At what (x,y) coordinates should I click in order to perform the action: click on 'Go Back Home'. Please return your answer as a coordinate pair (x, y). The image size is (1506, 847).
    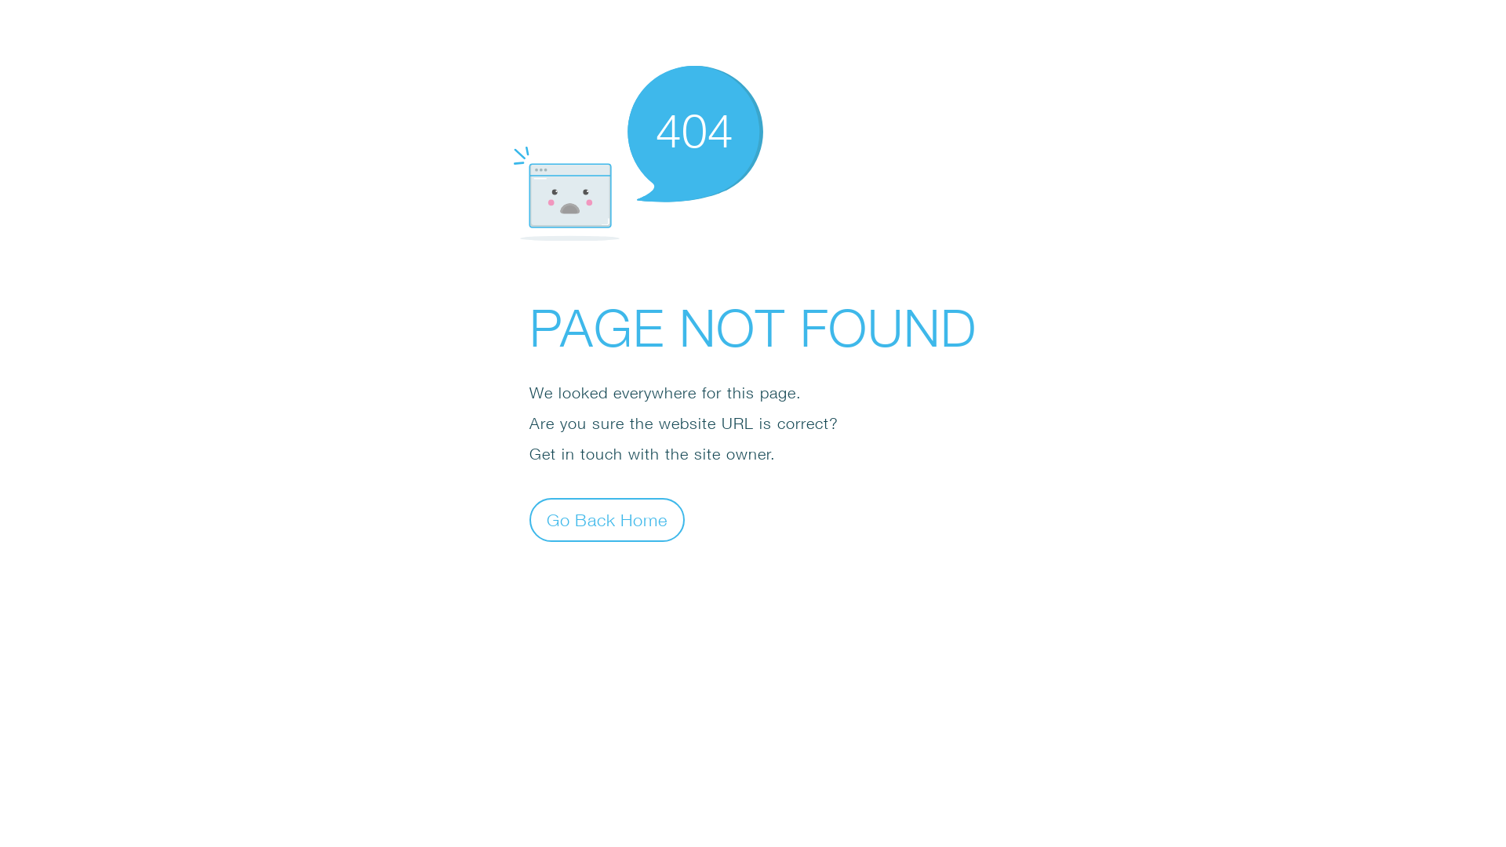
    Looking at the image, I should click on (606, 520).